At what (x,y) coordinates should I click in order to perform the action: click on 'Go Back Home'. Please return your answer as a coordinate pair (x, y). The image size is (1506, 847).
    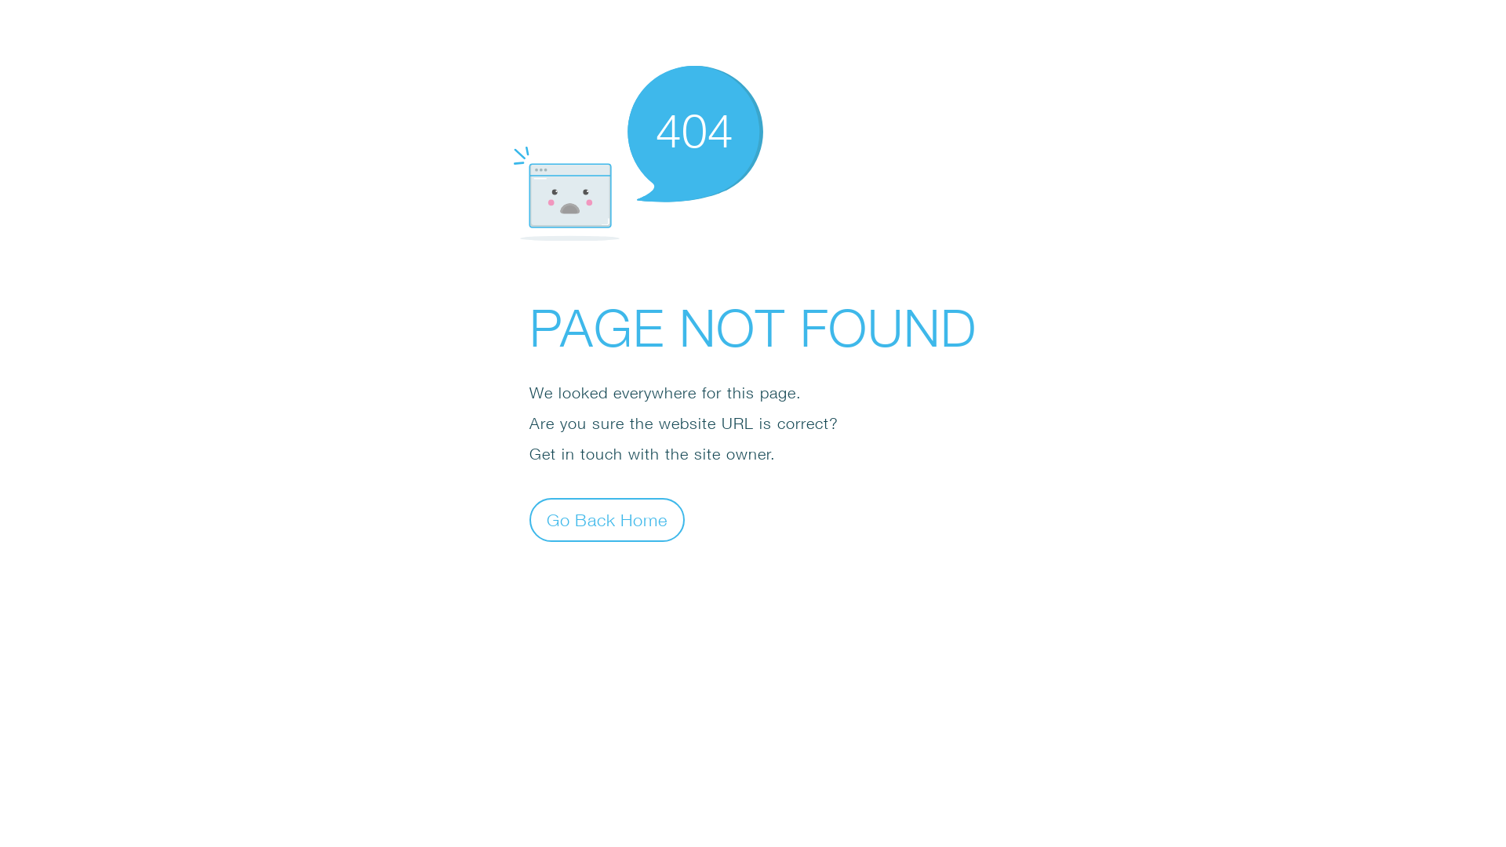
    Looking at the image, I should click on (606, 520).